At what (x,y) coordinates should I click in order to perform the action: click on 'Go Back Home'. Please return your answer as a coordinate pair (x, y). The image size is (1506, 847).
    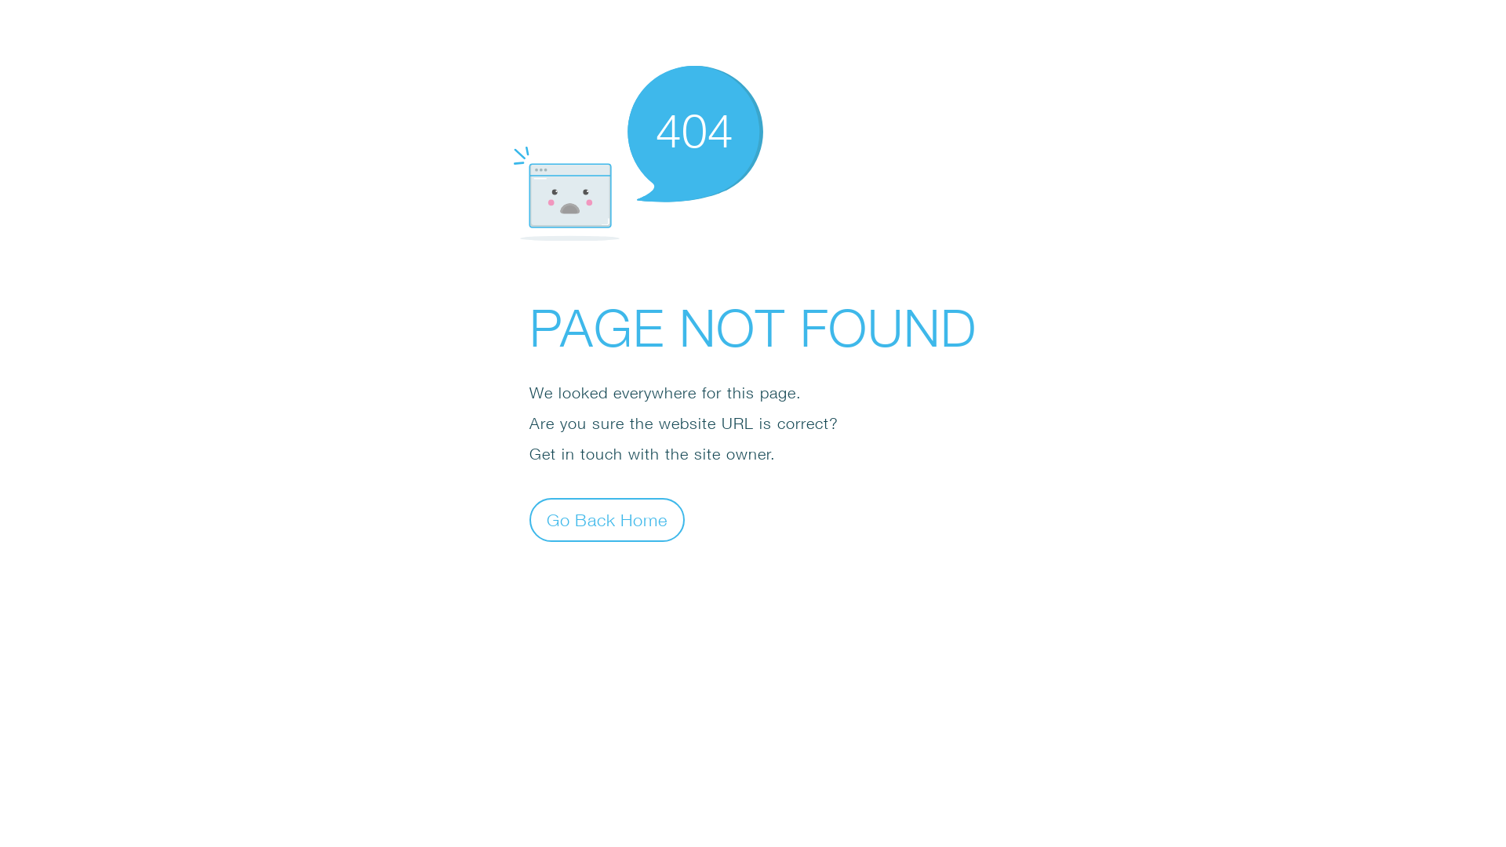
    Looking at the image, I should click on (606, 520).